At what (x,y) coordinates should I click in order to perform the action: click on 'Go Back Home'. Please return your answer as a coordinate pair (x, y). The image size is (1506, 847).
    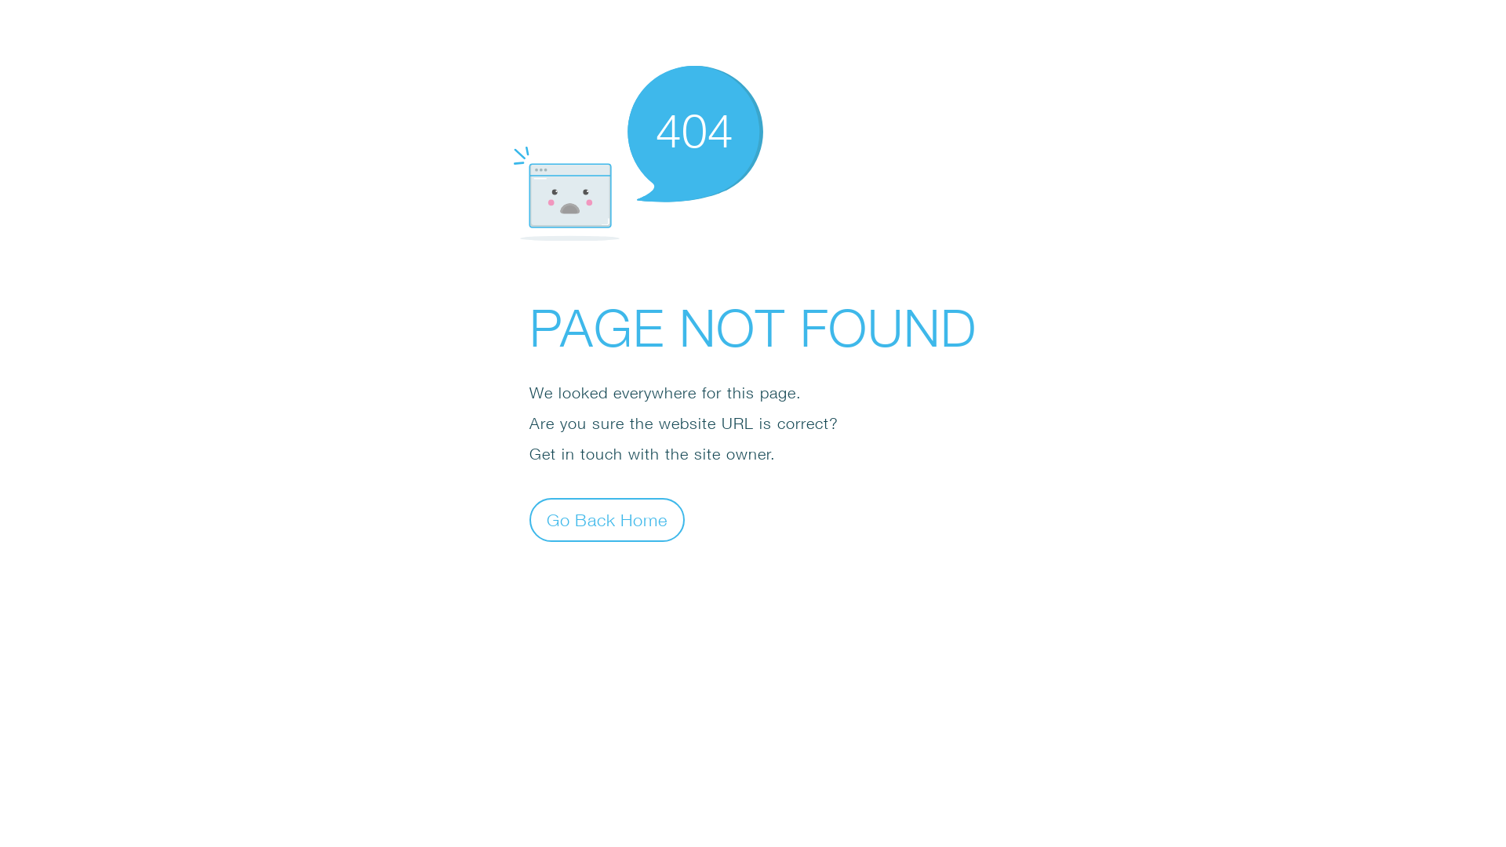
    Looking at the image, I should click on (606, 520).